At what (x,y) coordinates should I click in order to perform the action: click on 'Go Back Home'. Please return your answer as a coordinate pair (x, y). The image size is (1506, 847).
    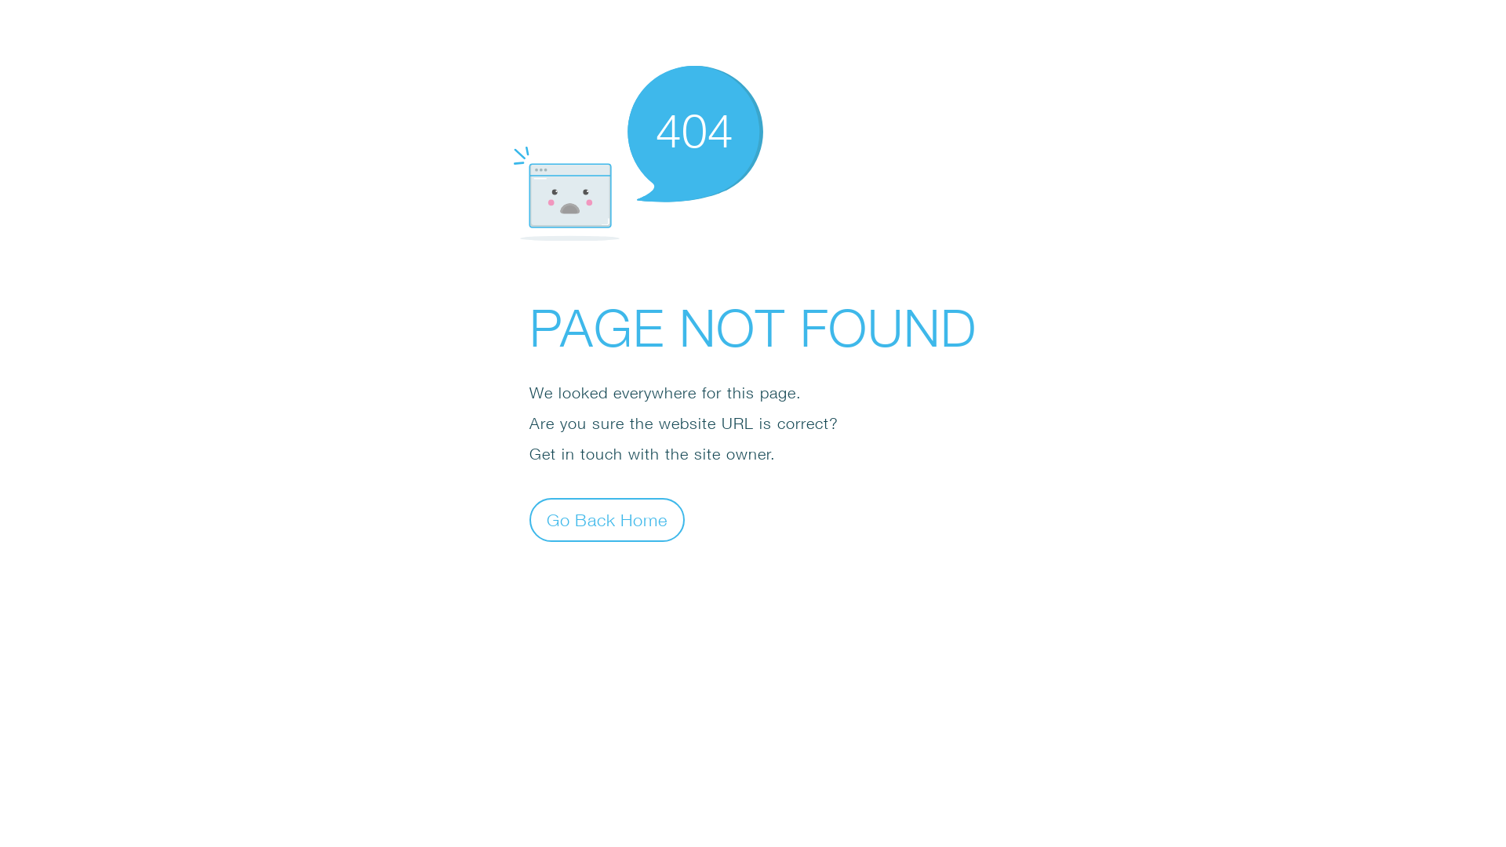
    Looking at the image, I should click on (606, 520).